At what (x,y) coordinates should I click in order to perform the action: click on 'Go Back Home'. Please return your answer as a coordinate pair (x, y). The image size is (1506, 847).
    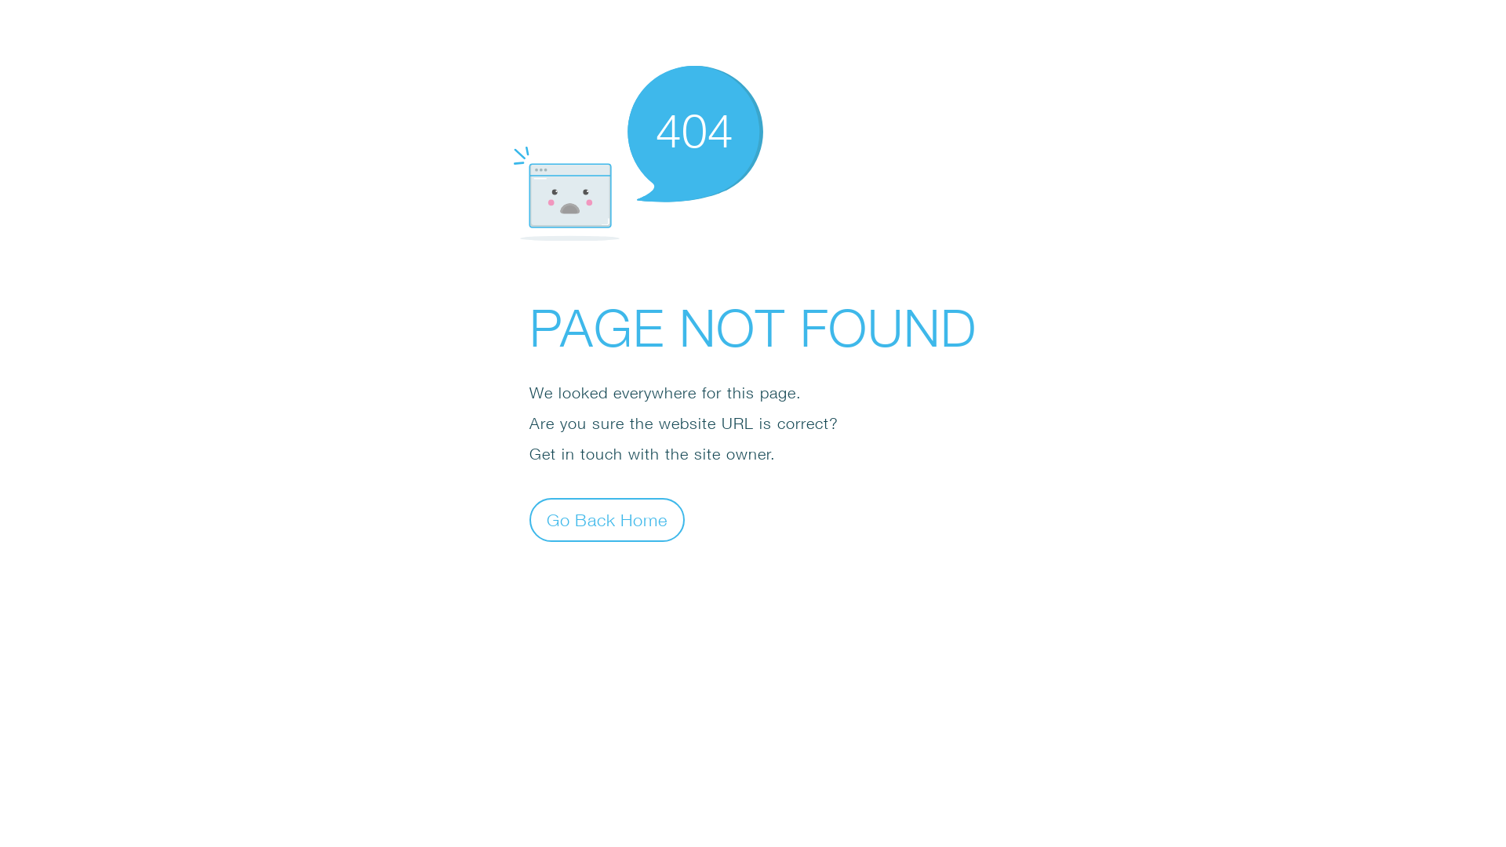
    Looking at the image, I should click on (606, 520).